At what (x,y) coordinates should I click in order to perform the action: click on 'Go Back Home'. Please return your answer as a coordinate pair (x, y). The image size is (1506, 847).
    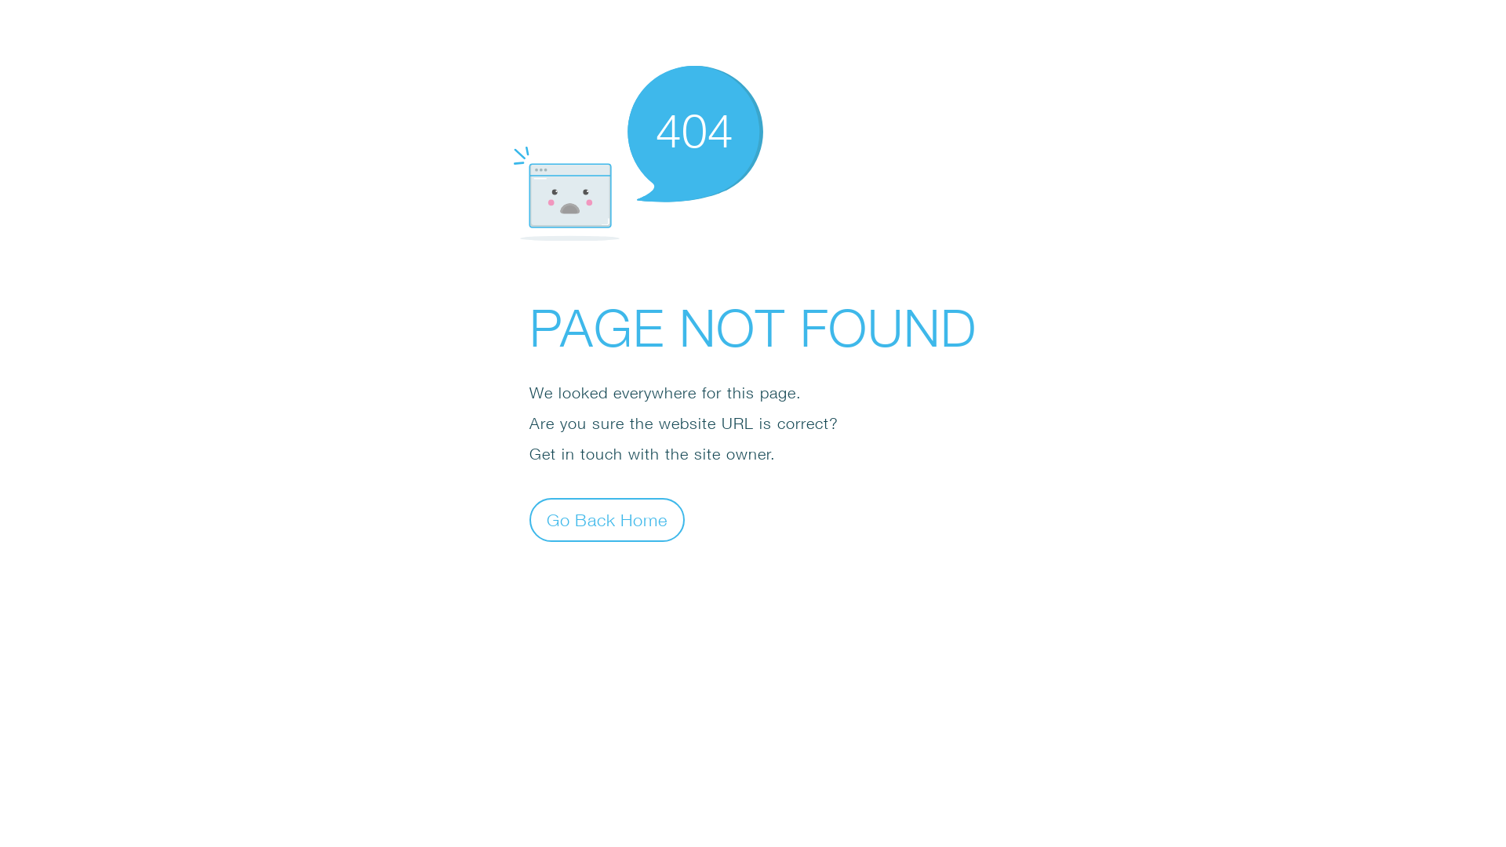
    Looking at the image, I should click on (606, 520).